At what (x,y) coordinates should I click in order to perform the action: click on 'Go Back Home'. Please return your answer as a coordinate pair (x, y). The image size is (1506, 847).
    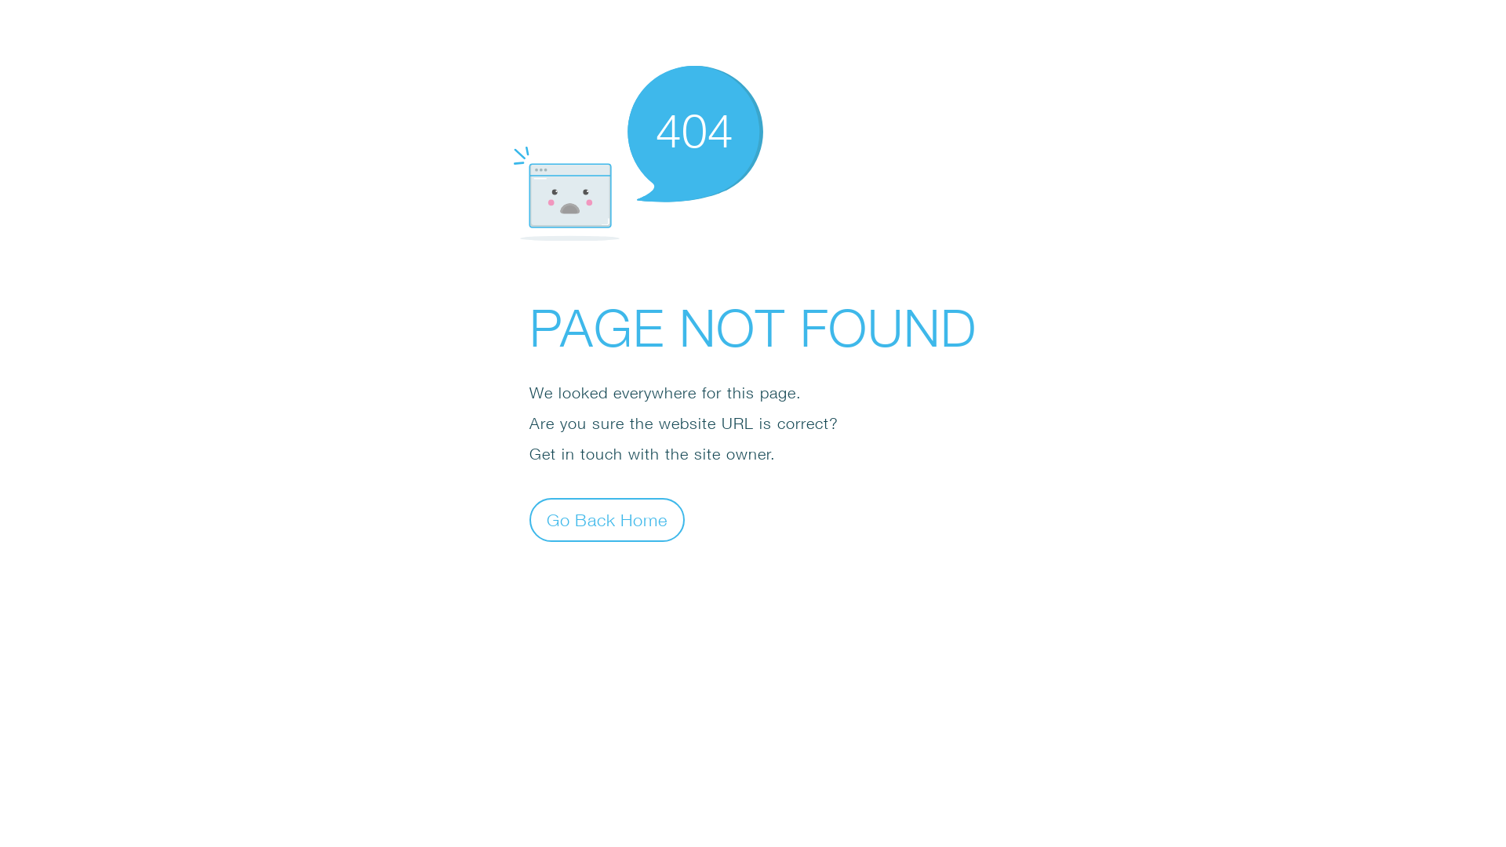
    Looking at the image, I should click on (606, 520).